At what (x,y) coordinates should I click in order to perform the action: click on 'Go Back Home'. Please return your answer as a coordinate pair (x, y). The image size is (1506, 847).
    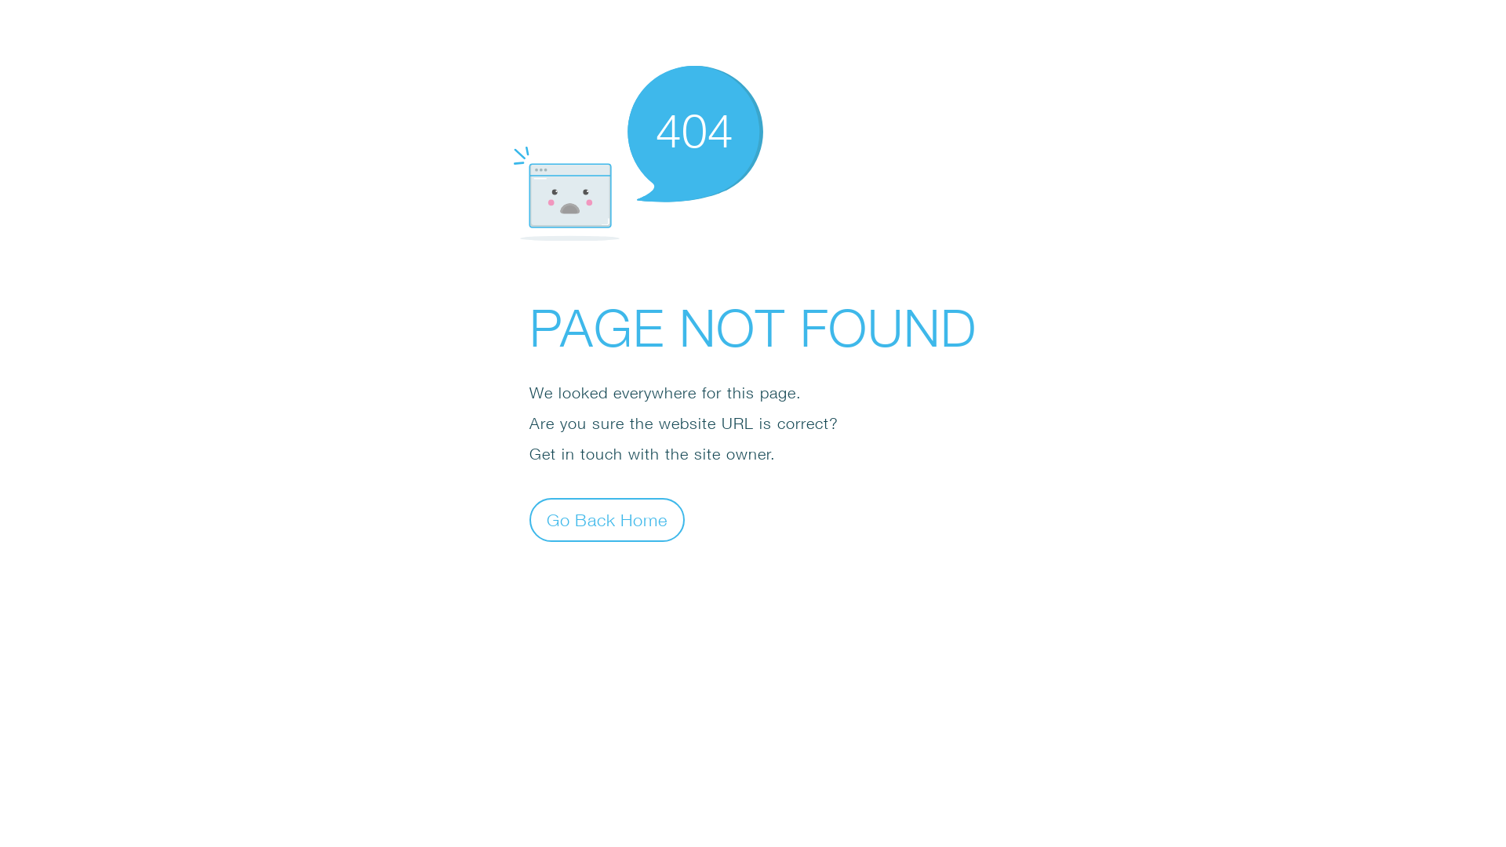
    Looking at the image, I should click on (606, 520).